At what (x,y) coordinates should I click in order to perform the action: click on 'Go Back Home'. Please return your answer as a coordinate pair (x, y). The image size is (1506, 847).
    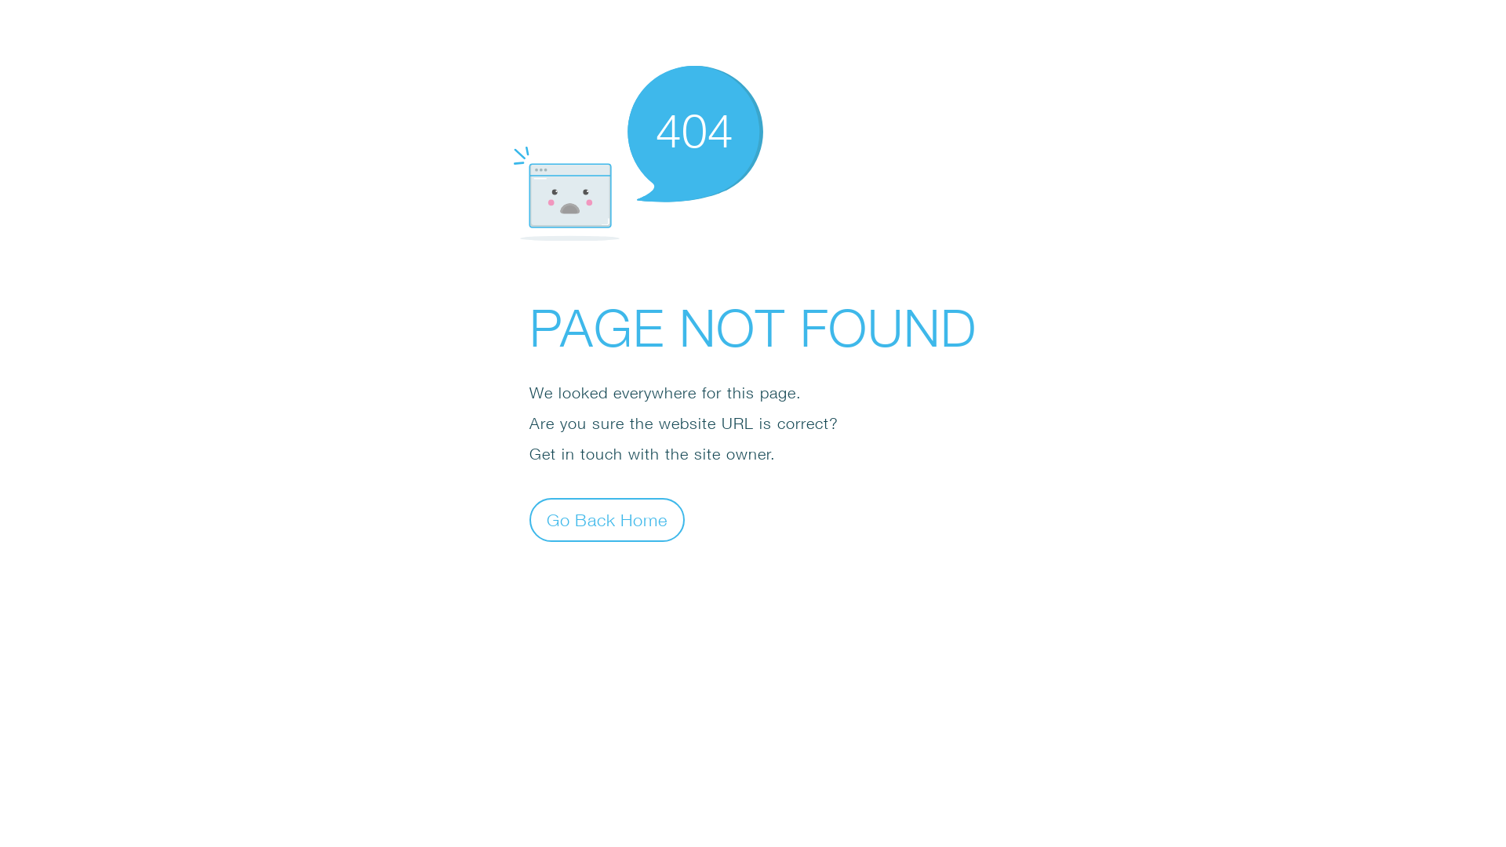
    Looking at the image, I should click on (606, 520).